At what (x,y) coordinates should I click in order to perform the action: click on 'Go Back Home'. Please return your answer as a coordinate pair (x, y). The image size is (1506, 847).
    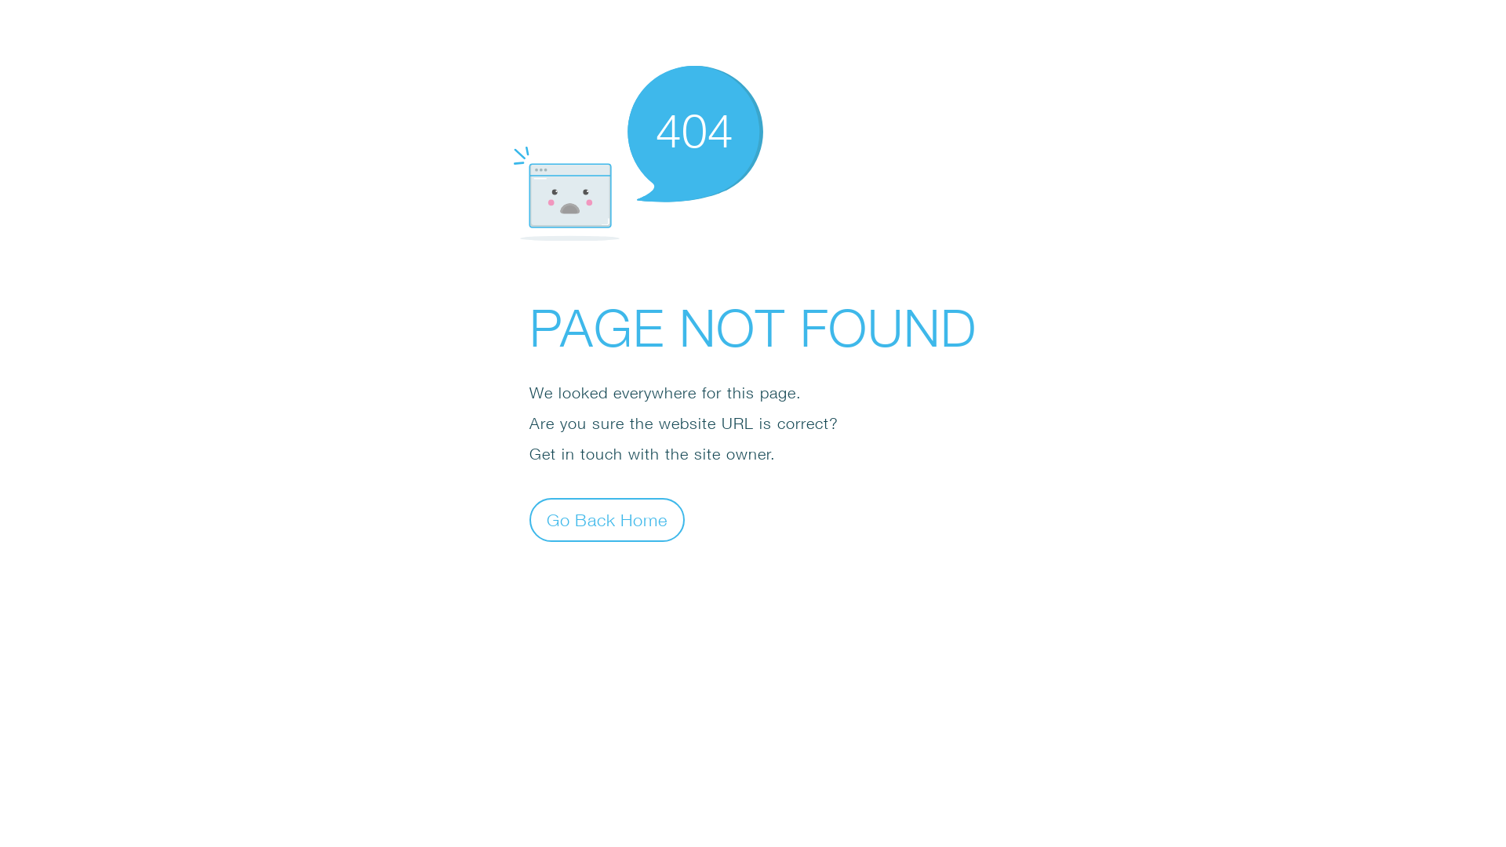
    Looking at the image, I should click on (606, 520).